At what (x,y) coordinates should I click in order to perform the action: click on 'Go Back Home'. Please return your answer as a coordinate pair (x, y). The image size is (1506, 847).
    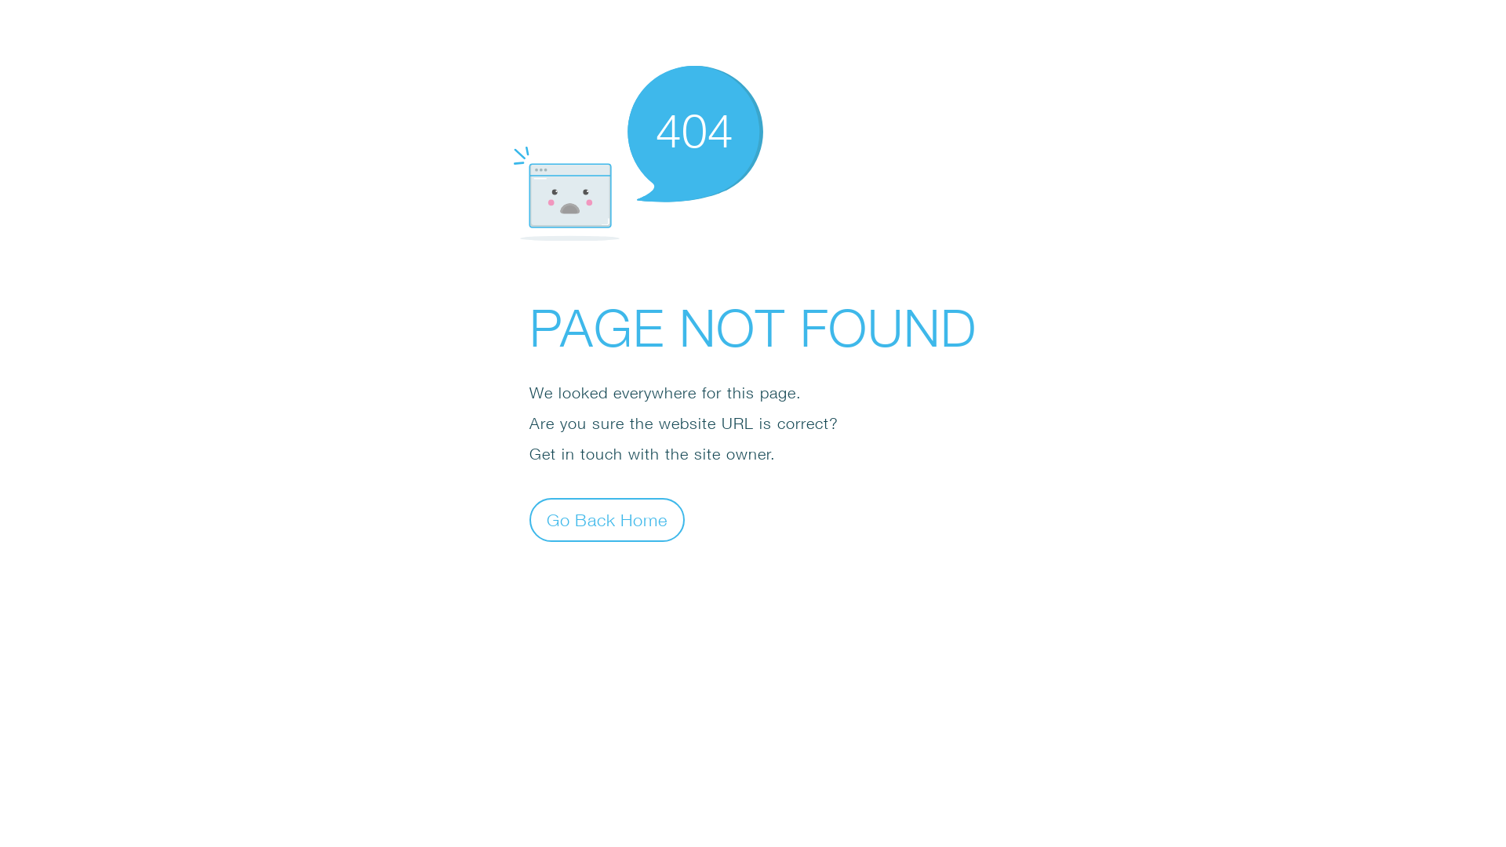
    Looking at the image, I should click on (606, 520).